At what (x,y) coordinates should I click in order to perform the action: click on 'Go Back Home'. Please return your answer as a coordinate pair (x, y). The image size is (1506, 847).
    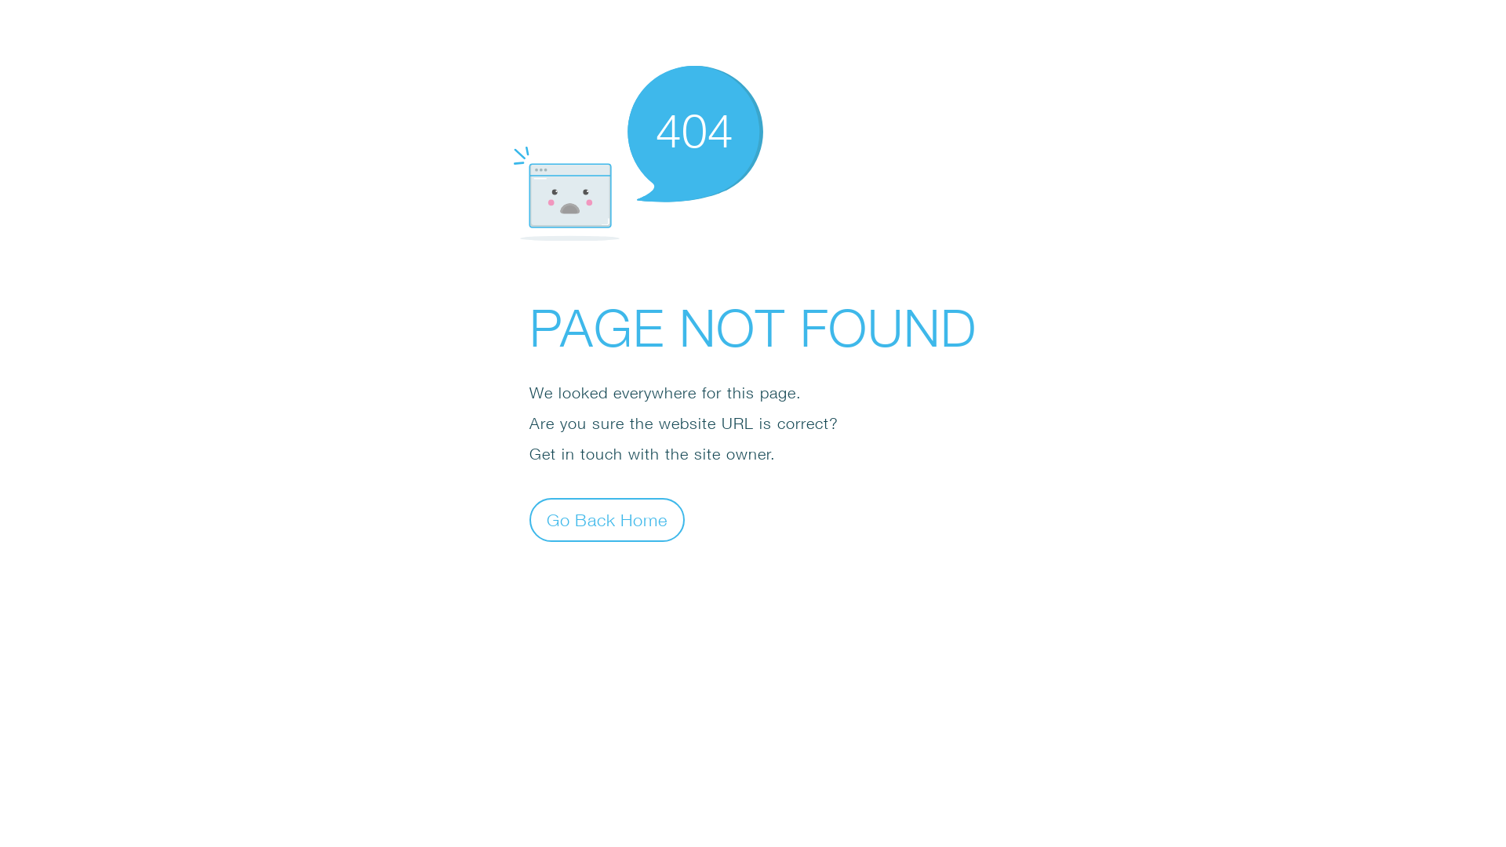
    Looking at the image, I should click on (606, 520).